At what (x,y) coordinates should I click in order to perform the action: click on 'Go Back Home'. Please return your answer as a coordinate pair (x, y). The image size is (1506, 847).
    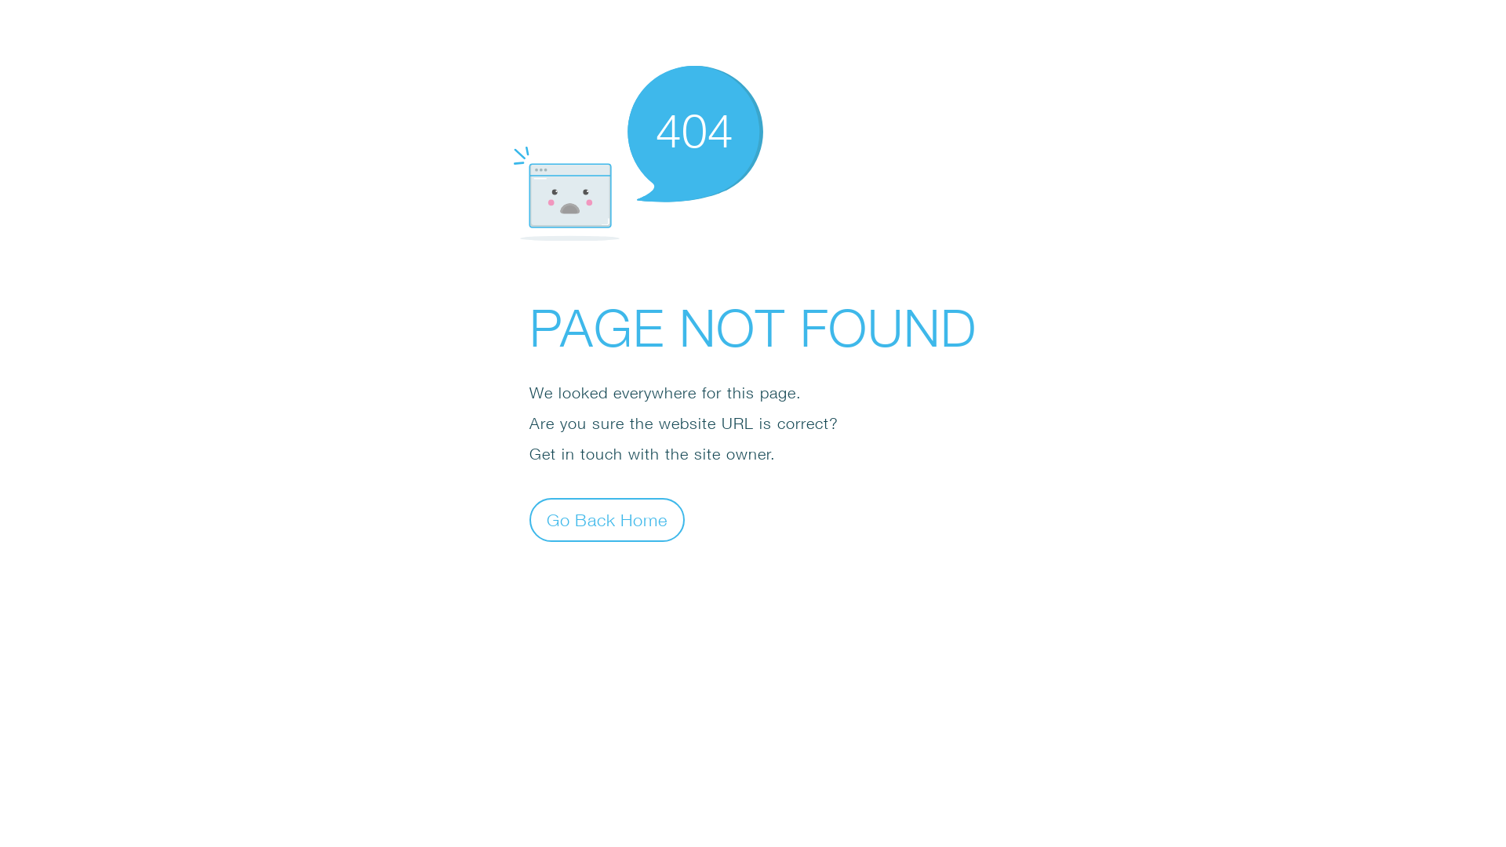
    Looking at the image, I should click on (606, 520).